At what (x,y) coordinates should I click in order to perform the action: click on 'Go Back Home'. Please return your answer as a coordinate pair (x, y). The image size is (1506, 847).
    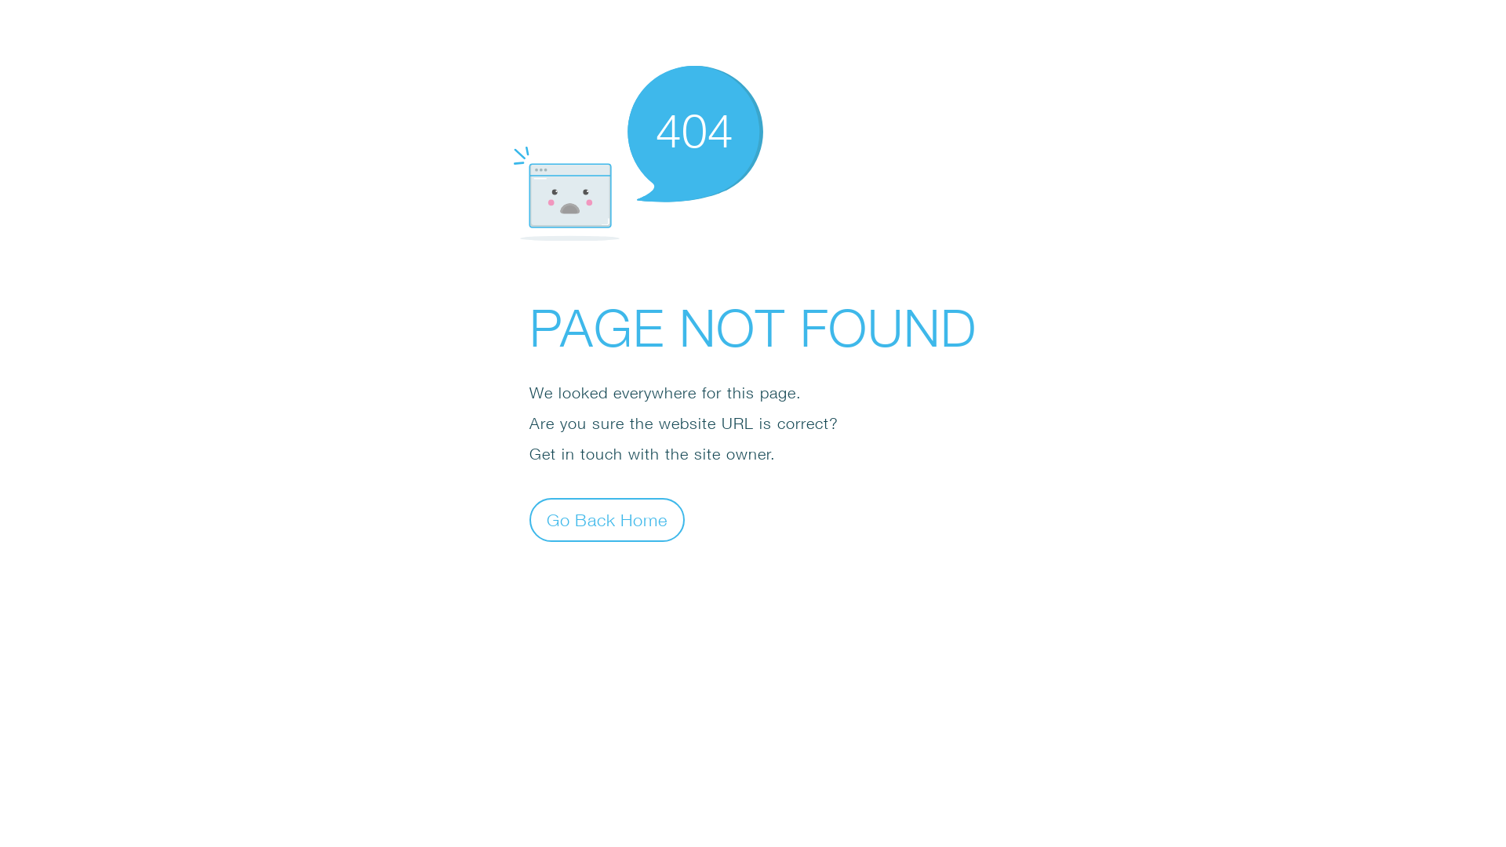
    Looking at the image, I should click on (606, 520).